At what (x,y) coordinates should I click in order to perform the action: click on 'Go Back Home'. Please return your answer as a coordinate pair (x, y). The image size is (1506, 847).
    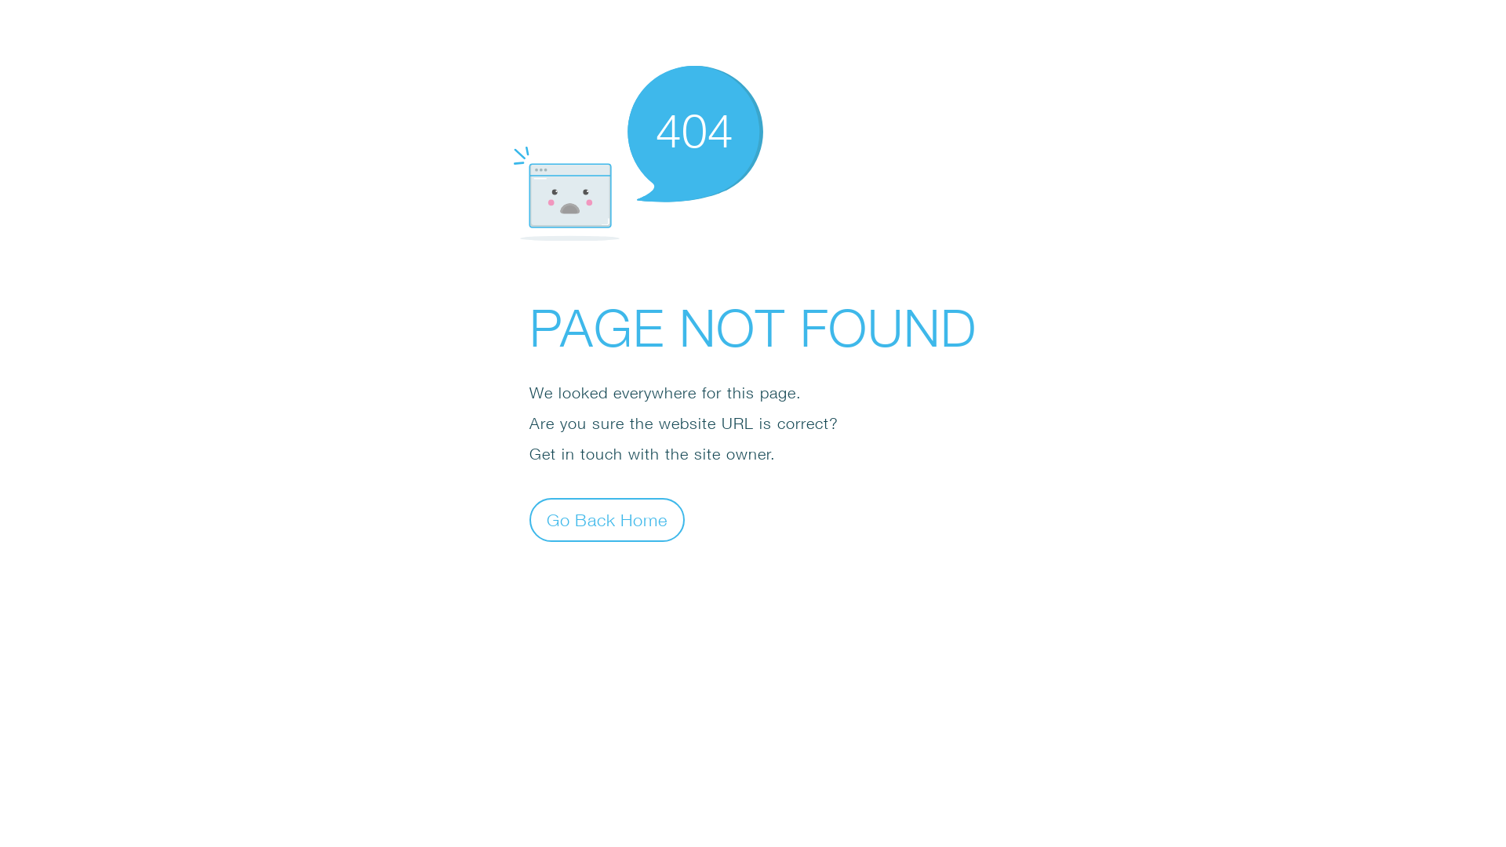
    Looking at the image, I should click on (606, 520).